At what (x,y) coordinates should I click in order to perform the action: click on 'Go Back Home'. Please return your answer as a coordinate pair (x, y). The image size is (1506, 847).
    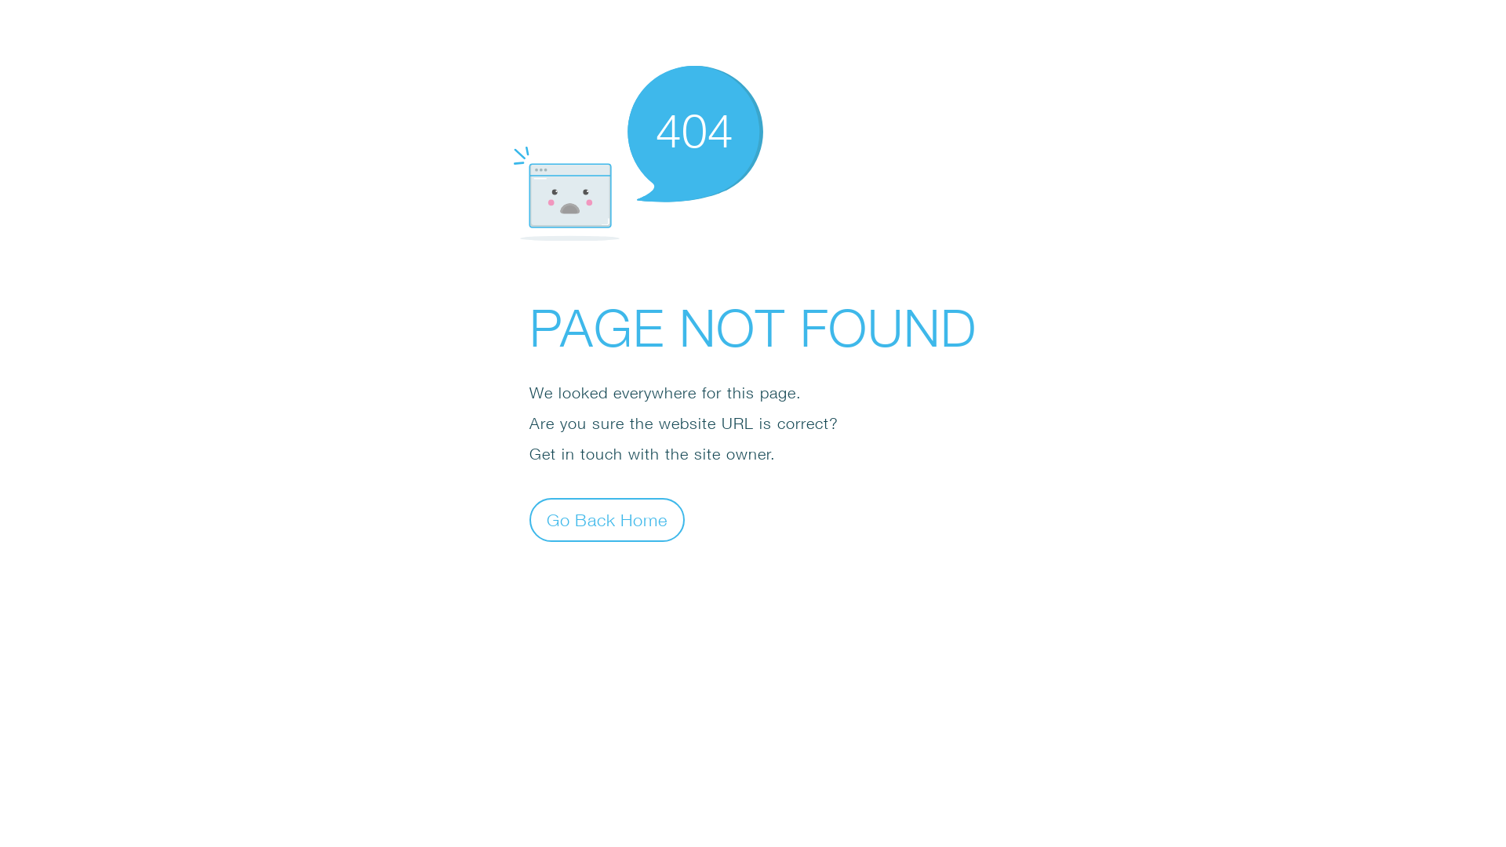
    Looking at the image, I should click on (606, 520).